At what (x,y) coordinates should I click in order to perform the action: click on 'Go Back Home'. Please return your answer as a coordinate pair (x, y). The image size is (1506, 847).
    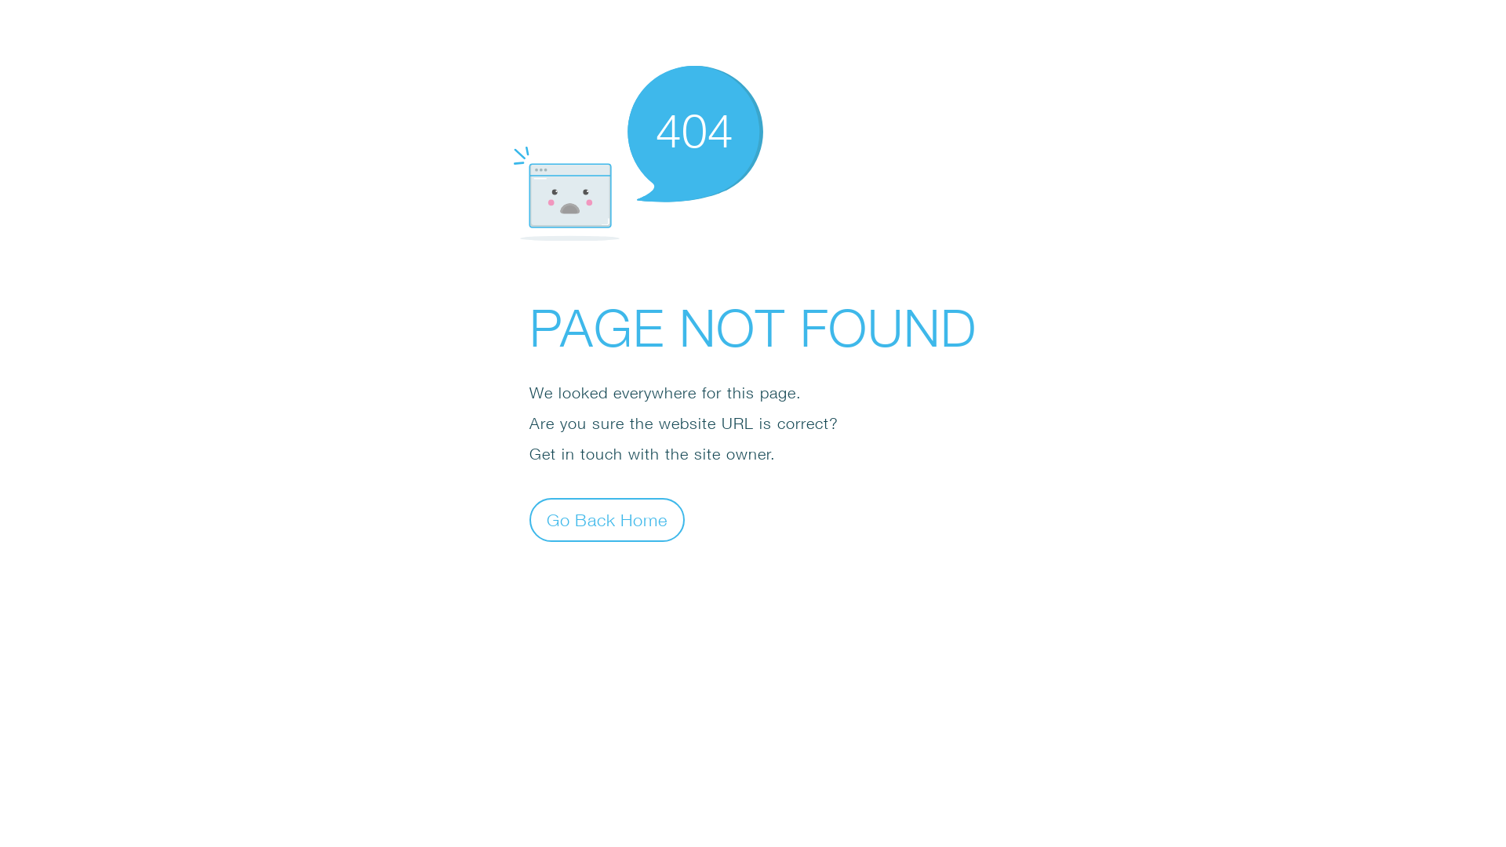
    Looking at the image, I should click on (606, 520).